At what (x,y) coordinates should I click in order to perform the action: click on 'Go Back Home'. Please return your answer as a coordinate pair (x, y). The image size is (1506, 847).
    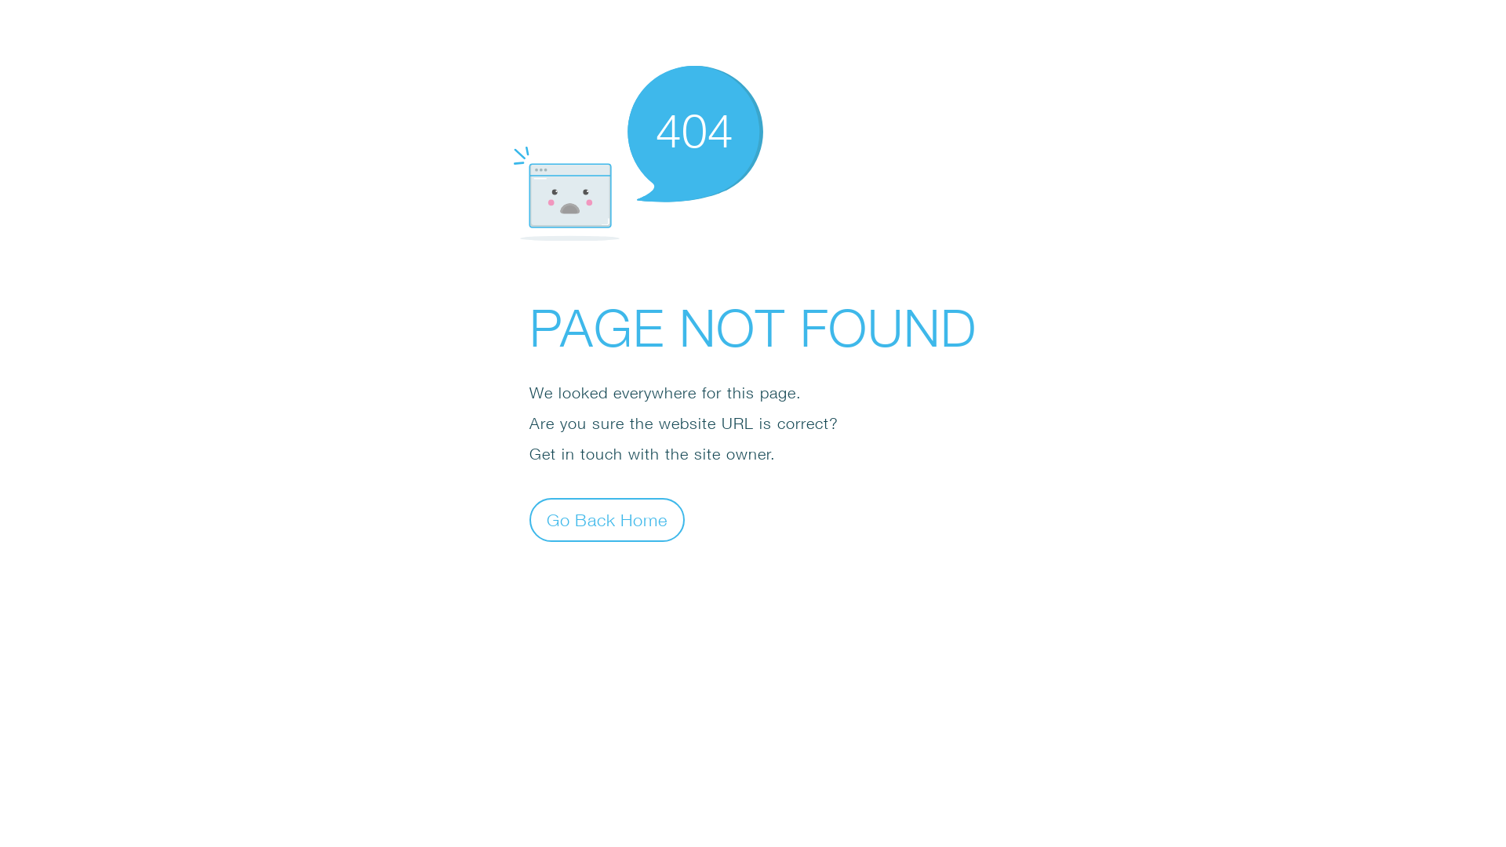
    Looking at the image, I should click on (606, 520).